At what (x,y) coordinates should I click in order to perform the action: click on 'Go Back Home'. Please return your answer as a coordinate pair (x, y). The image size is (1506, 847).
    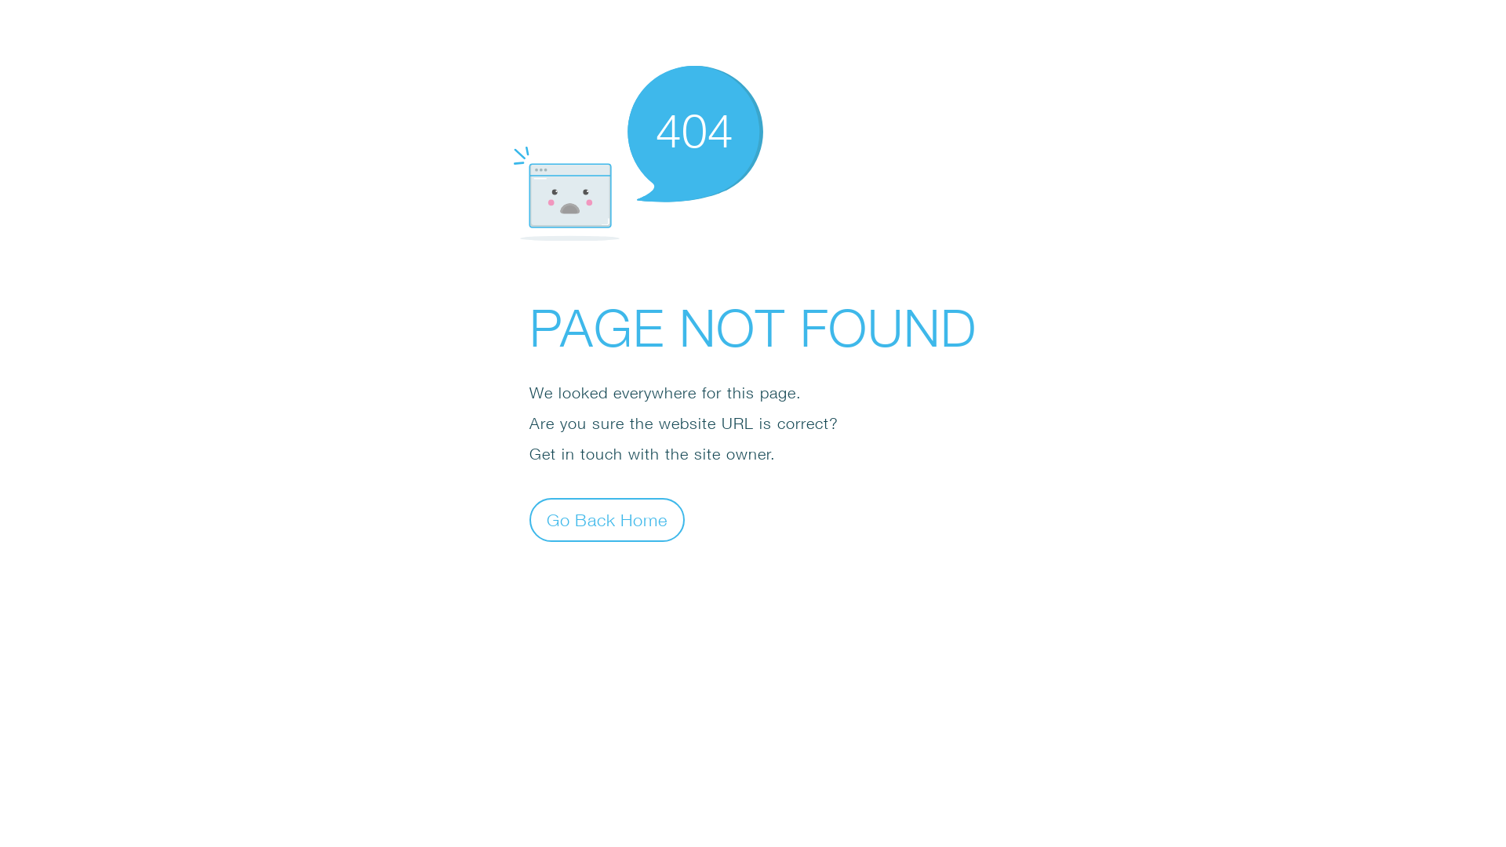
    Looking at the image, I should click on (606, 520).